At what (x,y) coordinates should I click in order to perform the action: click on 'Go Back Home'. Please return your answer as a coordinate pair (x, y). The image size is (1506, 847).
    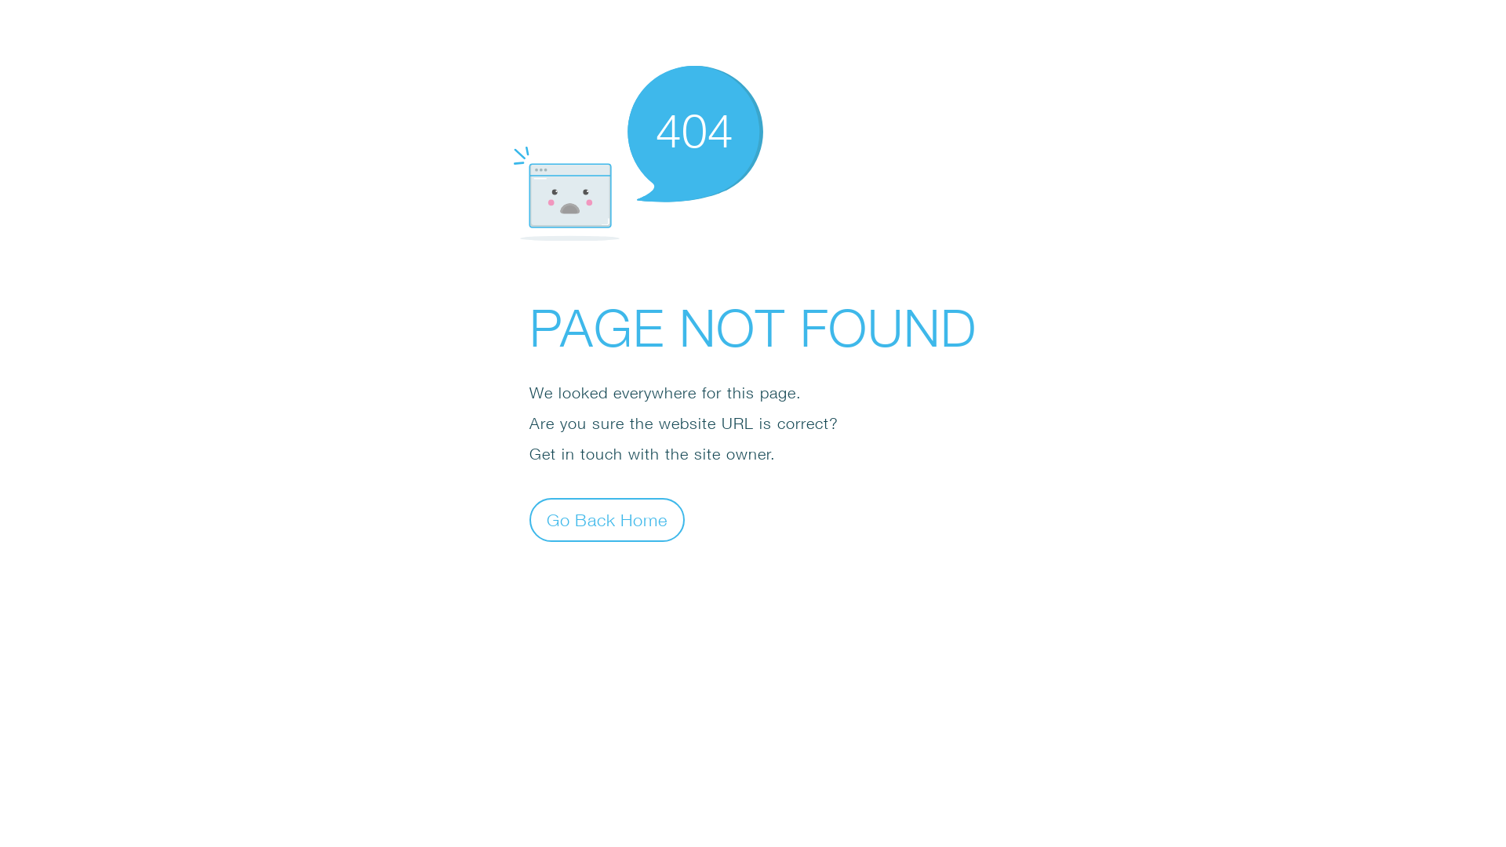
    Looking at the image, I should click on (606, 520).